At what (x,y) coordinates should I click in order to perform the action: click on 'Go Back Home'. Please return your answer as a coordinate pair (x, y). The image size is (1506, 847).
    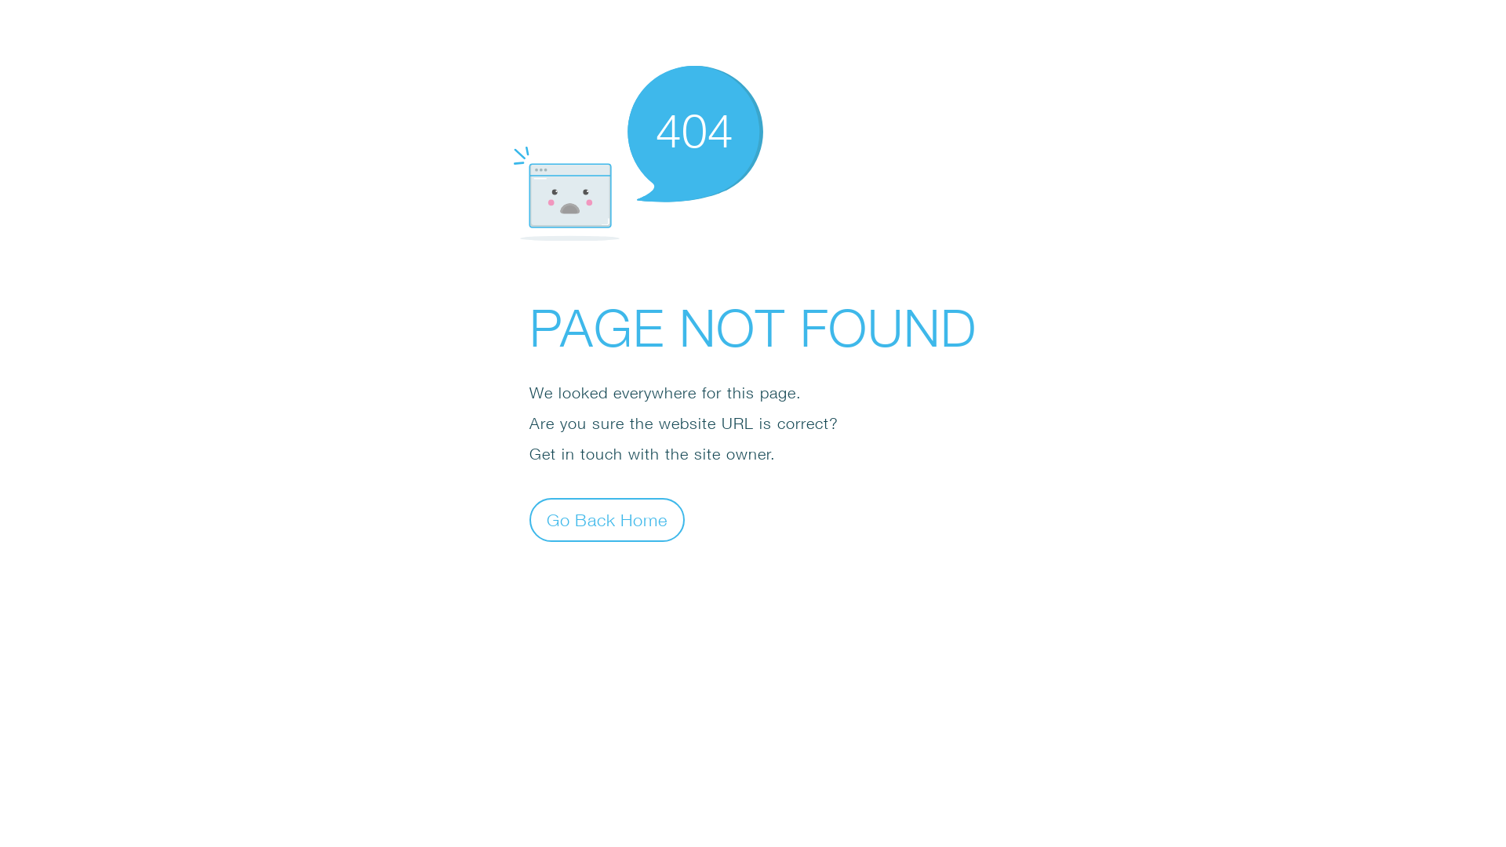
    Looking at the image, I should click on (606, 520).